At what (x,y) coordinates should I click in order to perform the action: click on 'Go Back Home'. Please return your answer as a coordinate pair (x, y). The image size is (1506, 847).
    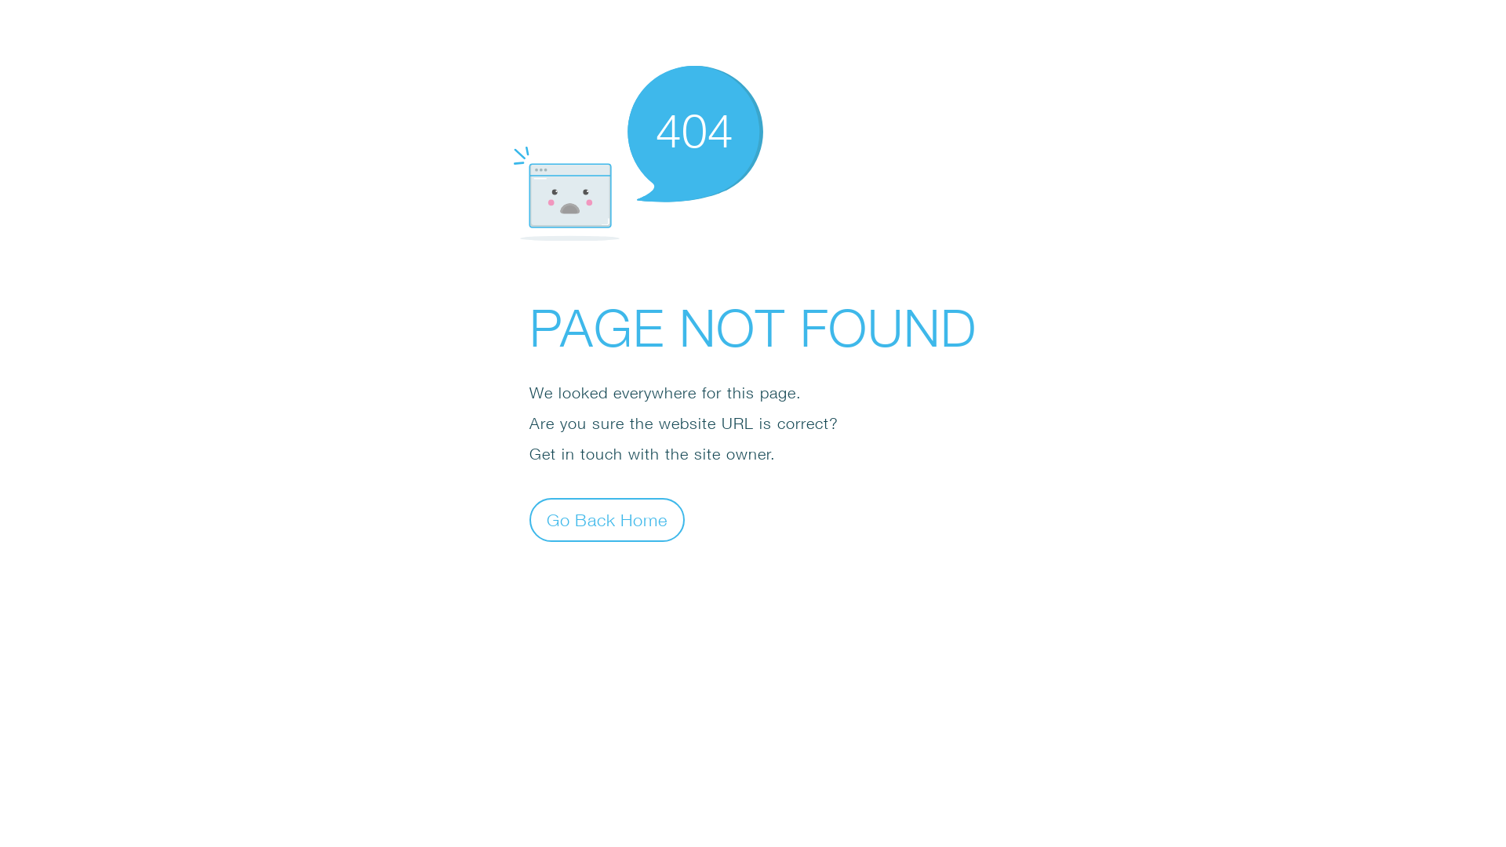
    Looking at the image, I should click on (606, 520).